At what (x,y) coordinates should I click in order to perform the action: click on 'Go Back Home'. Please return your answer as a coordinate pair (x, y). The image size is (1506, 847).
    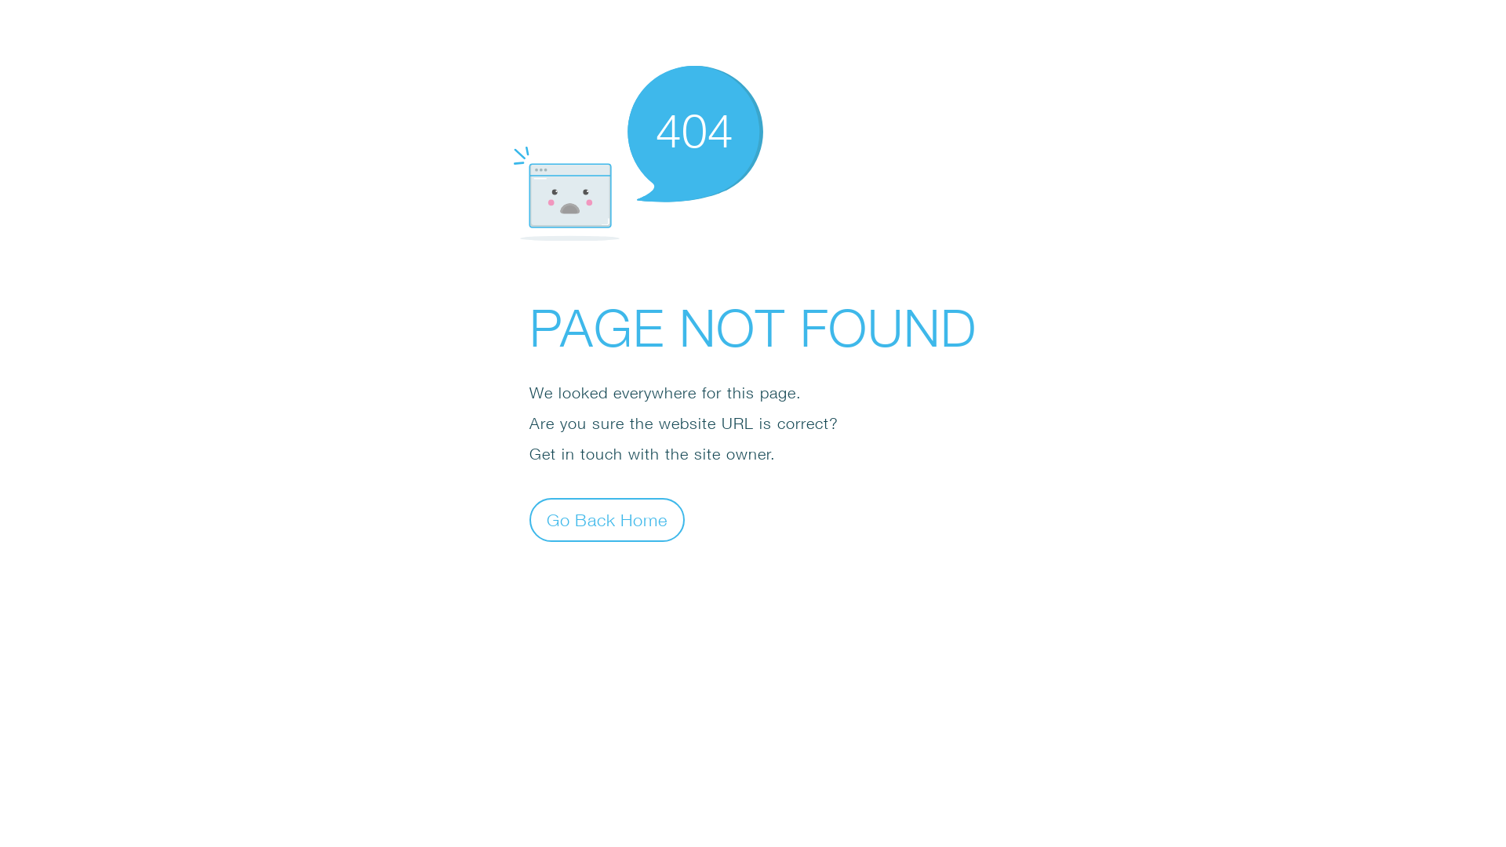
    Looking at the image, I should click on (606, 520).